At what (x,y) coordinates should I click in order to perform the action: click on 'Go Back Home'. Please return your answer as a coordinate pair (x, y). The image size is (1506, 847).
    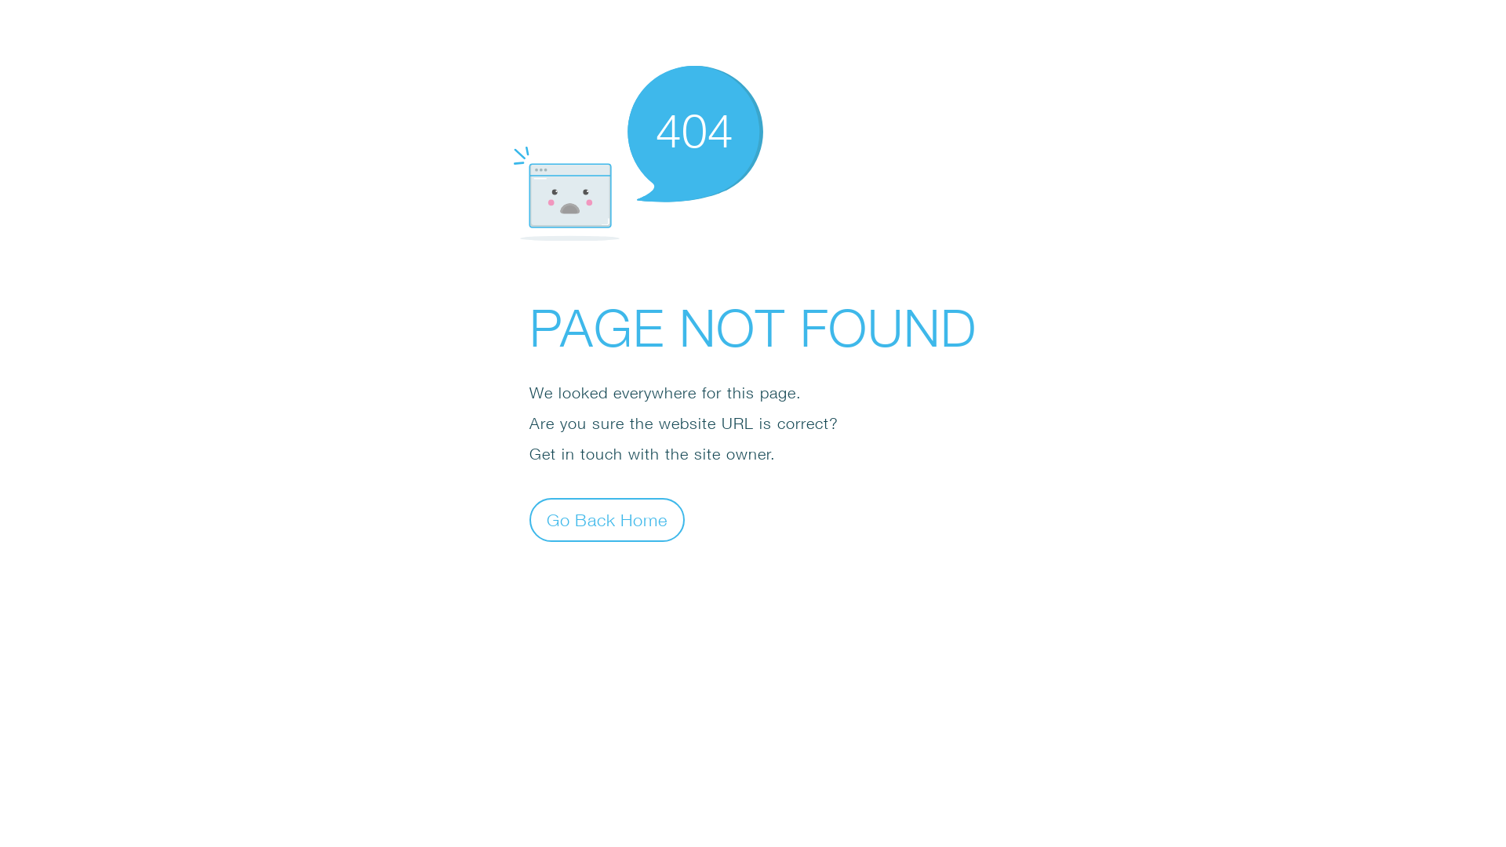
    Looking at the image, I should click on (606, 520).